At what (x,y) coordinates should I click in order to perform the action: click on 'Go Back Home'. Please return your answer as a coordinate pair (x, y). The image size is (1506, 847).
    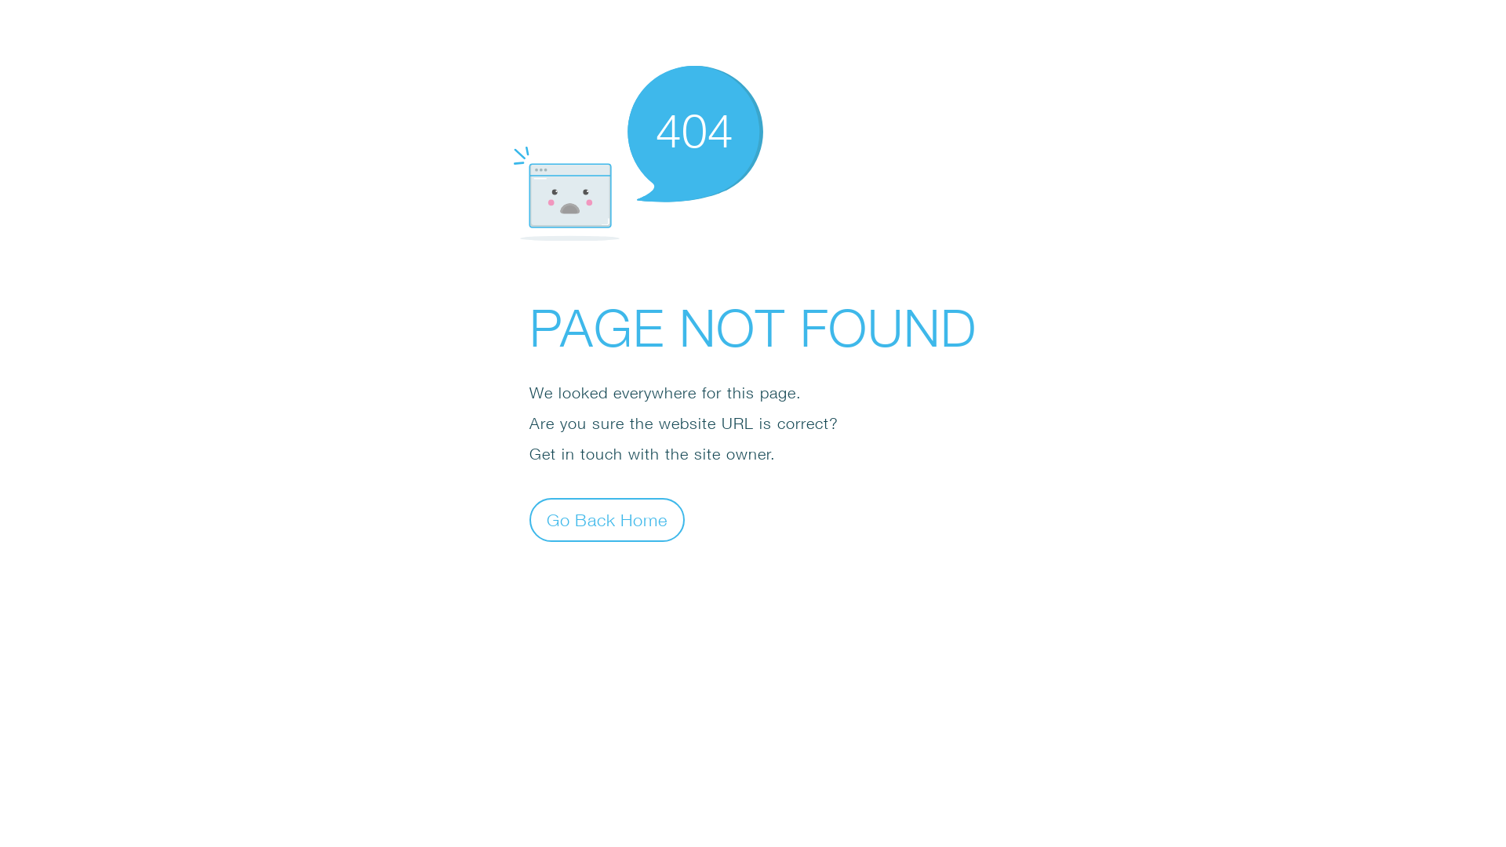
    Looking at the image, I should click on (606, 520).